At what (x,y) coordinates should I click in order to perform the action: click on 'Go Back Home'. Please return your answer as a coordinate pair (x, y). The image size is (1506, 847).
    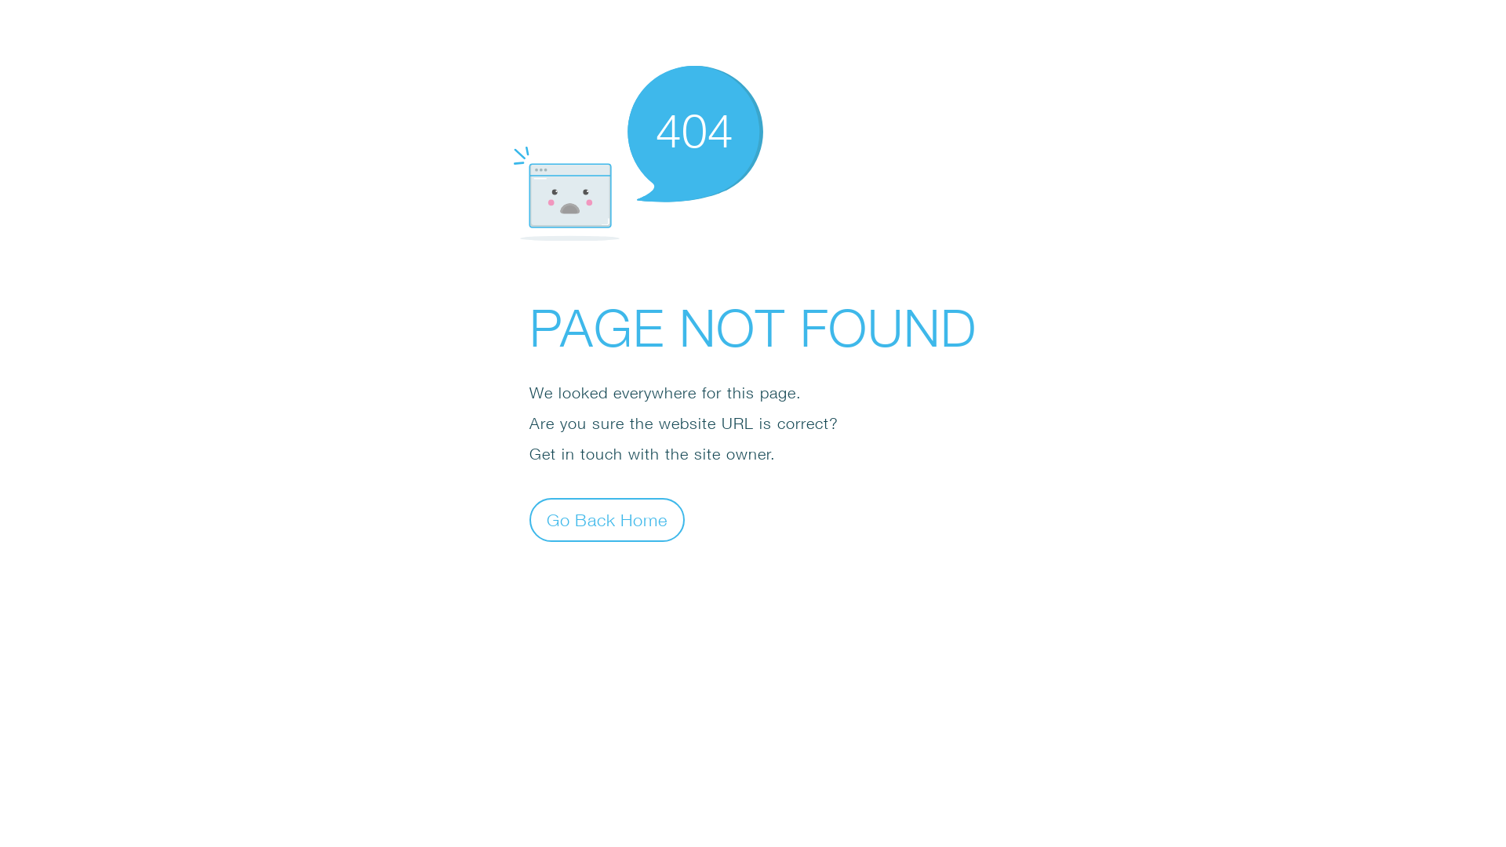
    Looking at the image, I should click on (606, 520).